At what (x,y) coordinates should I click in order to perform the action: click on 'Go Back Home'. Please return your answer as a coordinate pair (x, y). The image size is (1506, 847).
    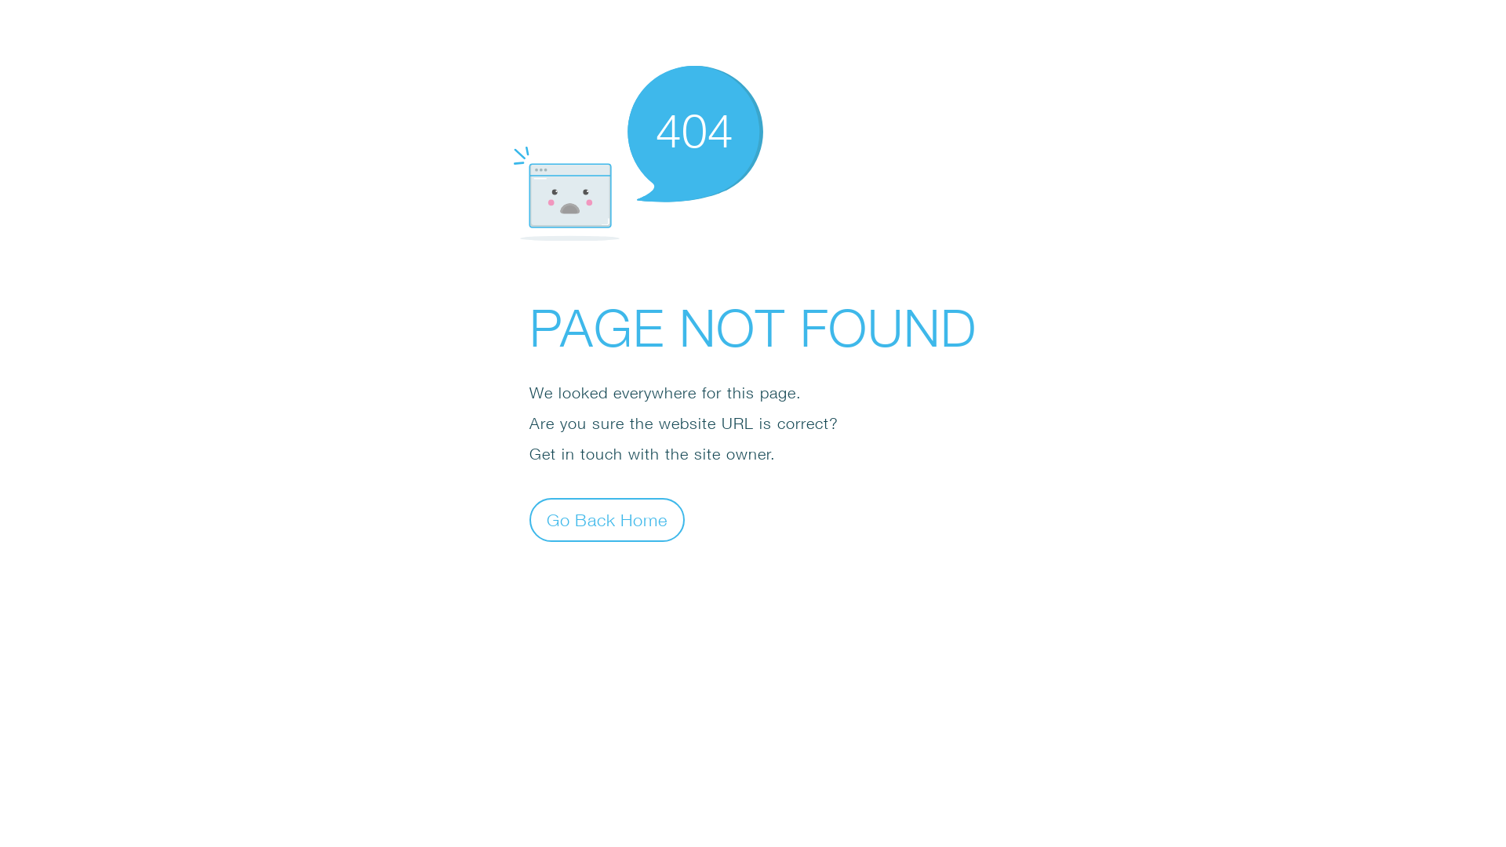
    Looking at the image, I should click on (606, 520).